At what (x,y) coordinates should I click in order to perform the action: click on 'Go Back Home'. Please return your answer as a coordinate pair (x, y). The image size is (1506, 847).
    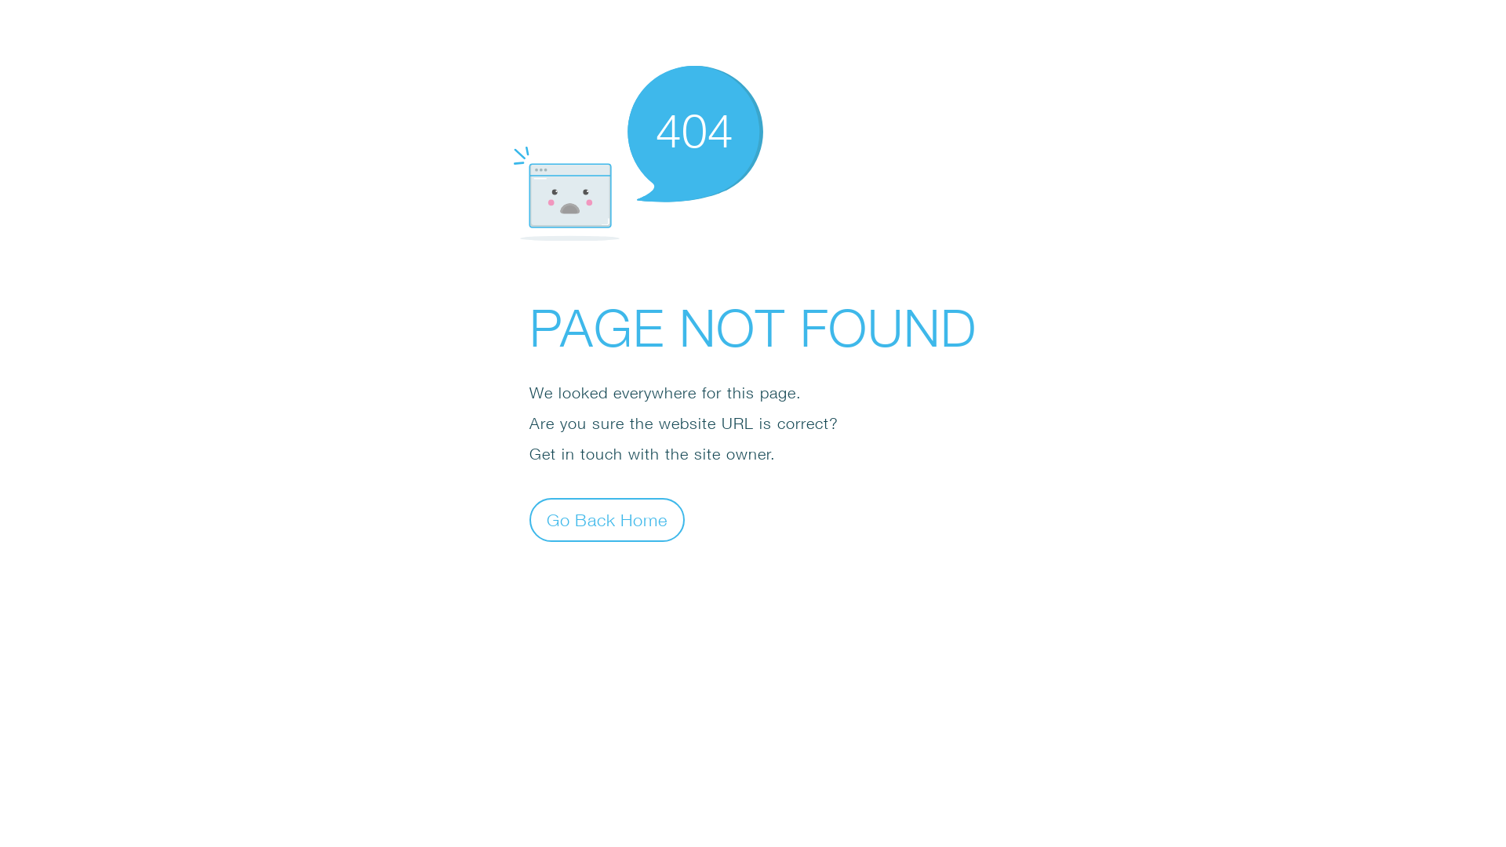
    Looking at the image, I should click on (606, 520).